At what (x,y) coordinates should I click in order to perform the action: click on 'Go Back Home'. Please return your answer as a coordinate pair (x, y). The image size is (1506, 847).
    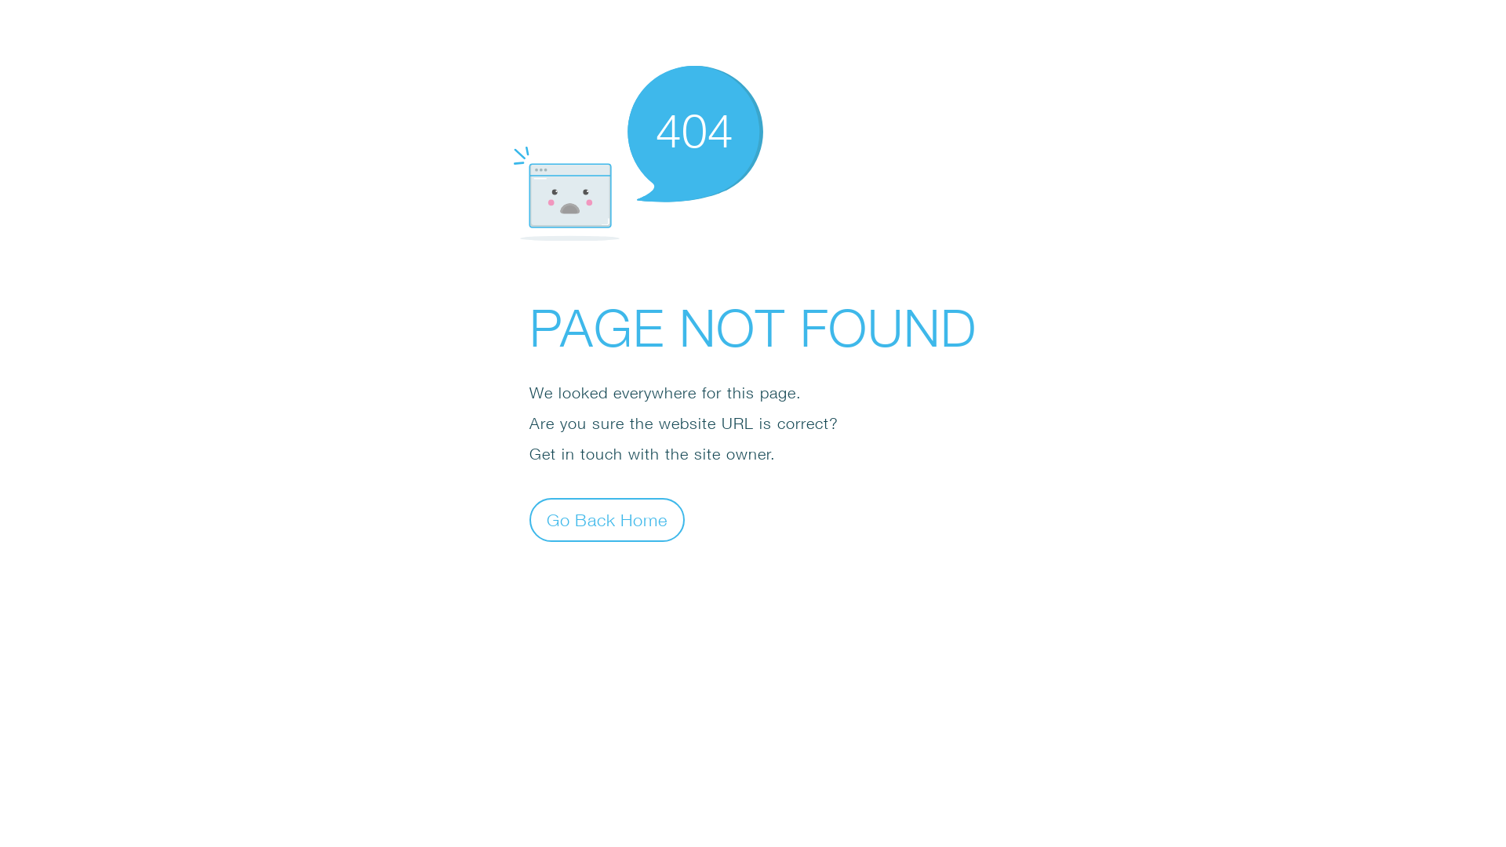
    Looking at the image, I should click on (606, 520).